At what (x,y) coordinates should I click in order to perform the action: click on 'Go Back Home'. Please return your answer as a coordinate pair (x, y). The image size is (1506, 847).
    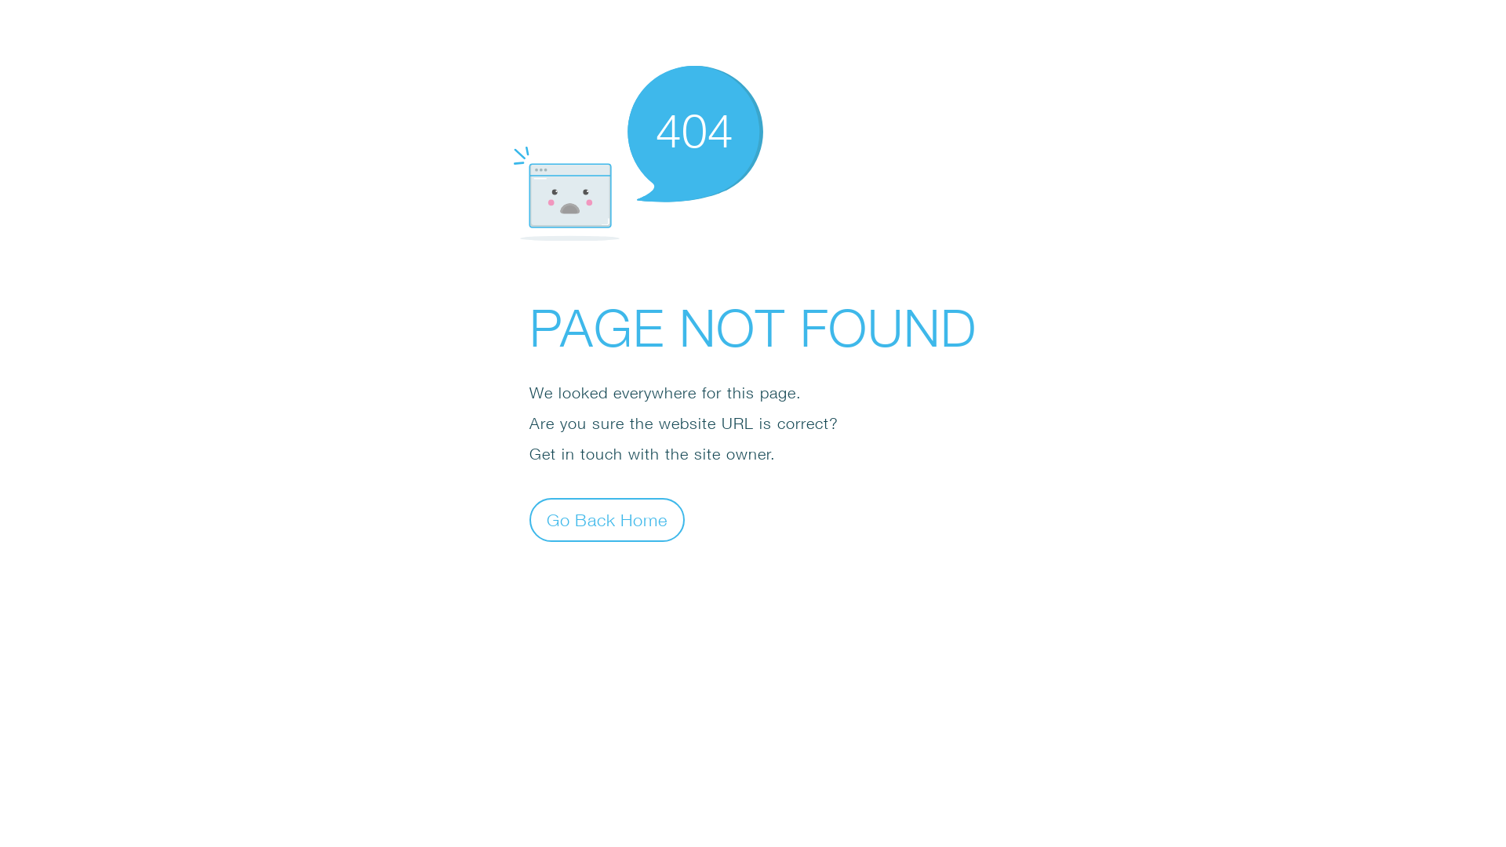
    Looking at the image, I should click on (606, 520).